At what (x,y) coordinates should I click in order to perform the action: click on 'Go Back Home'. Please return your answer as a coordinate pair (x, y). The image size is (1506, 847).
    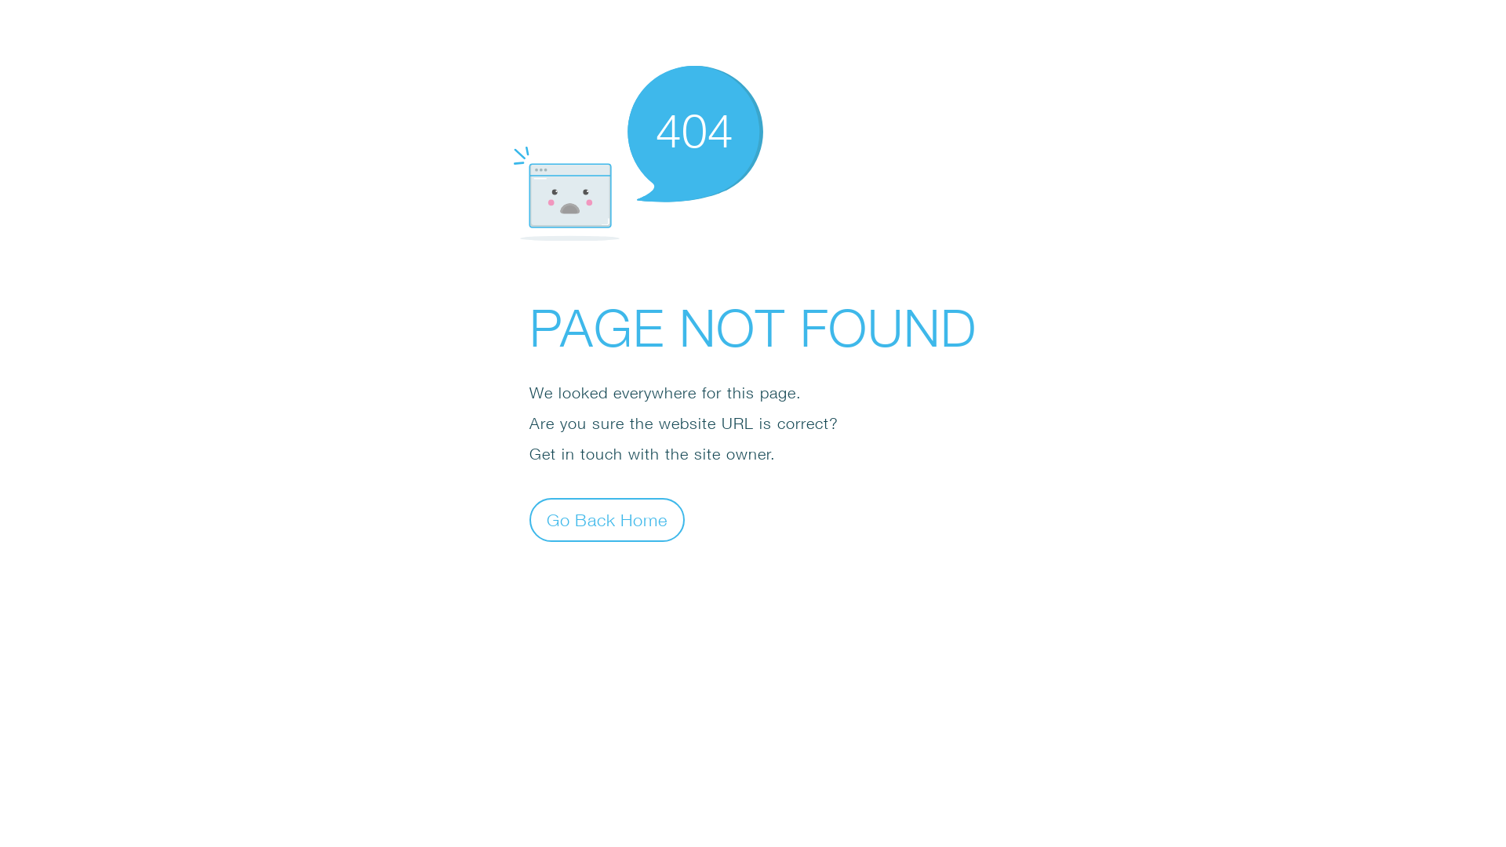
    Looking at the image, I should click on (606, 520).